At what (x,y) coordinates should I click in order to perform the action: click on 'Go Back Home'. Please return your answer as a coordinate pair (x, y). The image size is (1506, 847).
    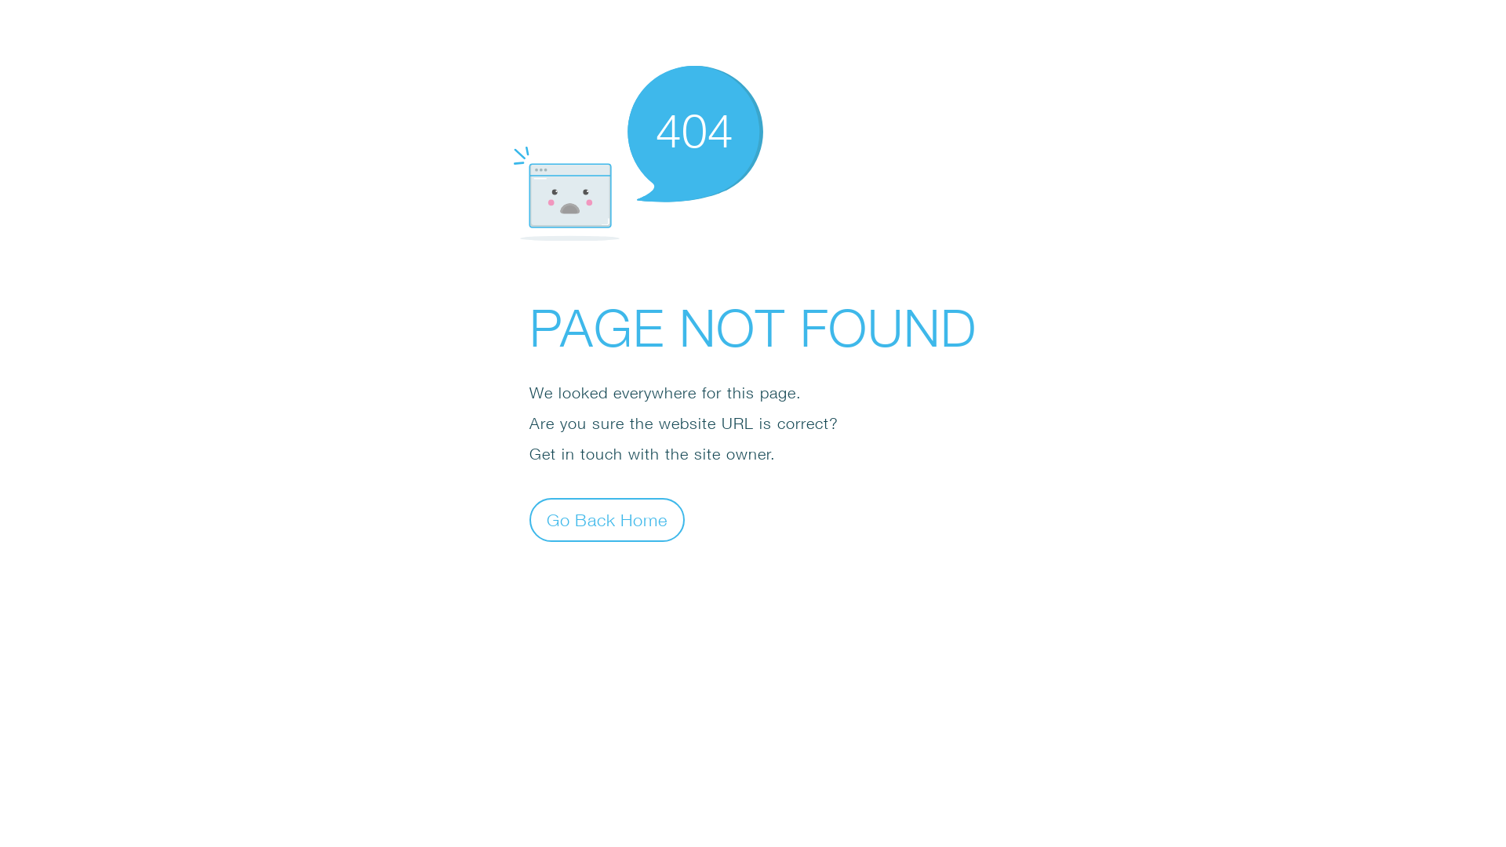
    Looking at the image, I should click on (606, 520).